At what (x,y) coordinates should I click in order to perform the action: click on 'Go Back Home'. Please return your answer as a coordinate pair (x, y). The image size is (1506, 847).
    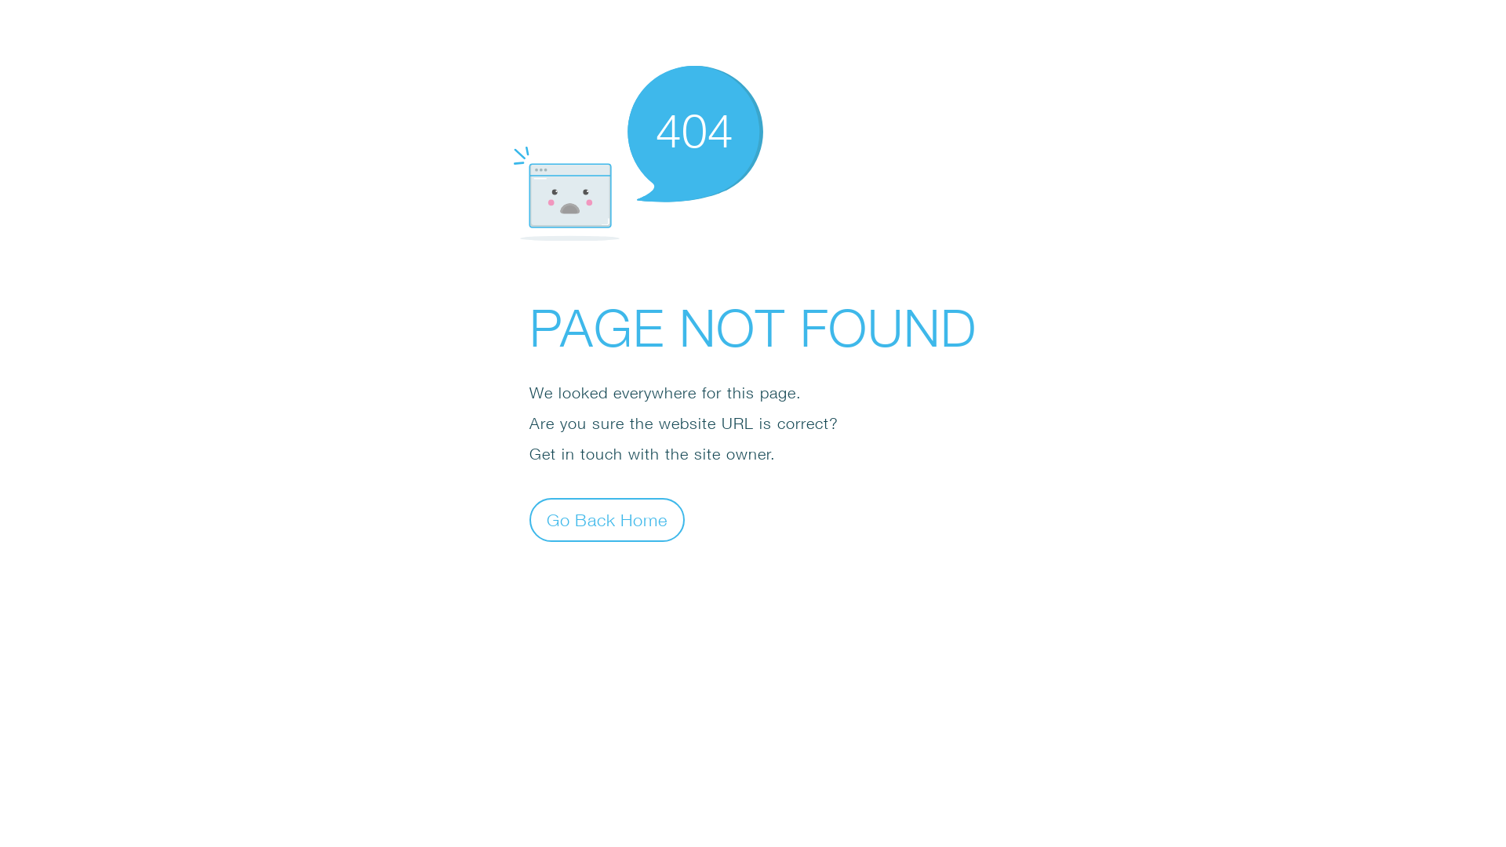
    Looking at the image, I should click on (606, 520).